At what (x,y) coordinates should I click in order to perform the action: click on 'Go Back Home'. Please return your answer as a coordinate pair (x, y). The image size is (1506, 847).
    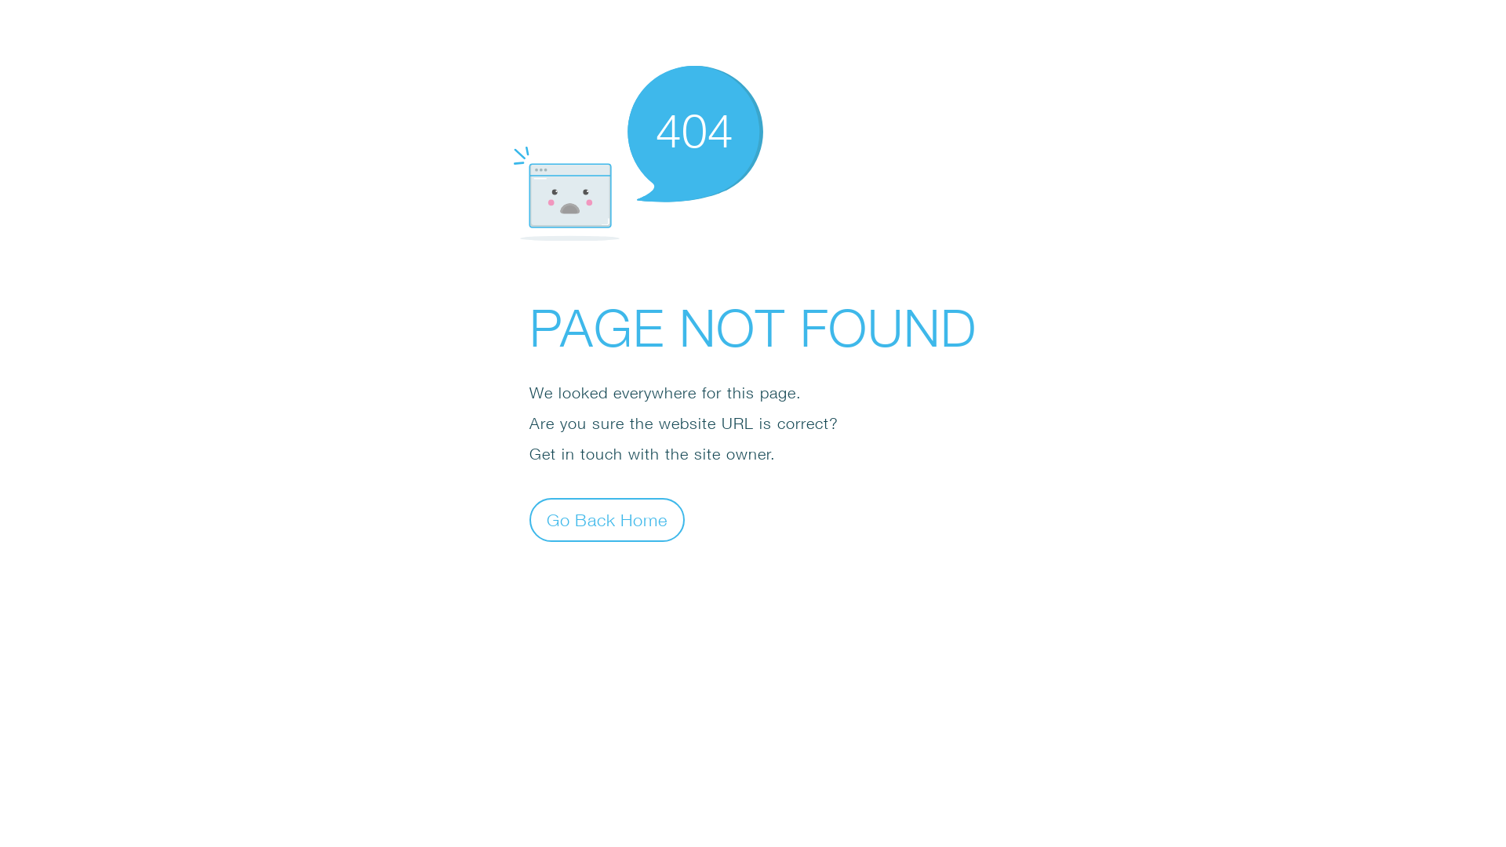
    Looking at the image, I should click on (606, 520).